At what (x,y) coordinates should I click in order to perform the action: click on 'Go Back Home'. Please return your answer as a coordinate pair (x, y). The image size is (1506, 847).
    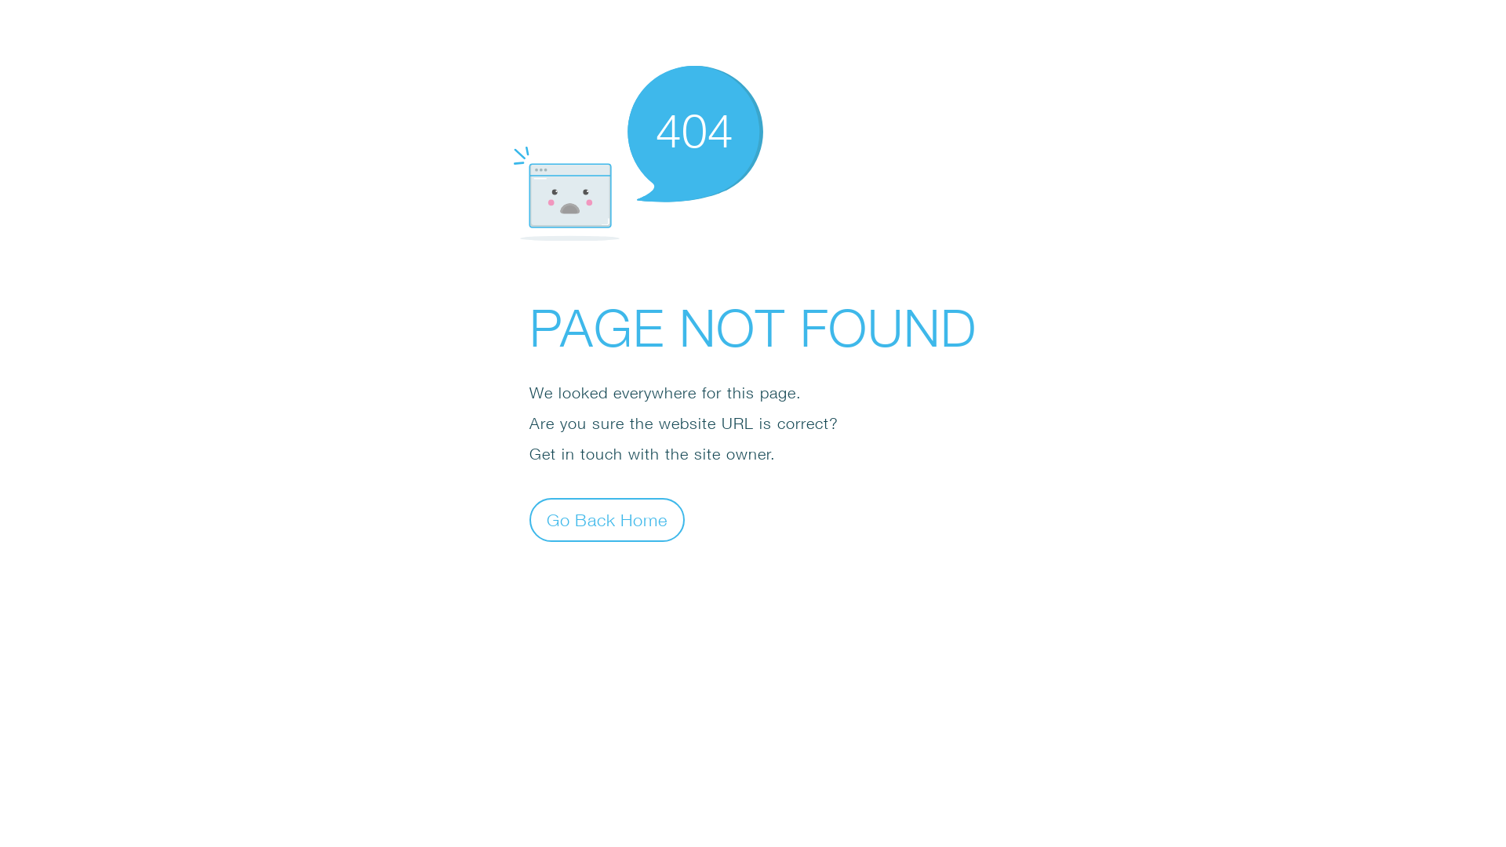
    Looking at the image, I should click on (606, 520).